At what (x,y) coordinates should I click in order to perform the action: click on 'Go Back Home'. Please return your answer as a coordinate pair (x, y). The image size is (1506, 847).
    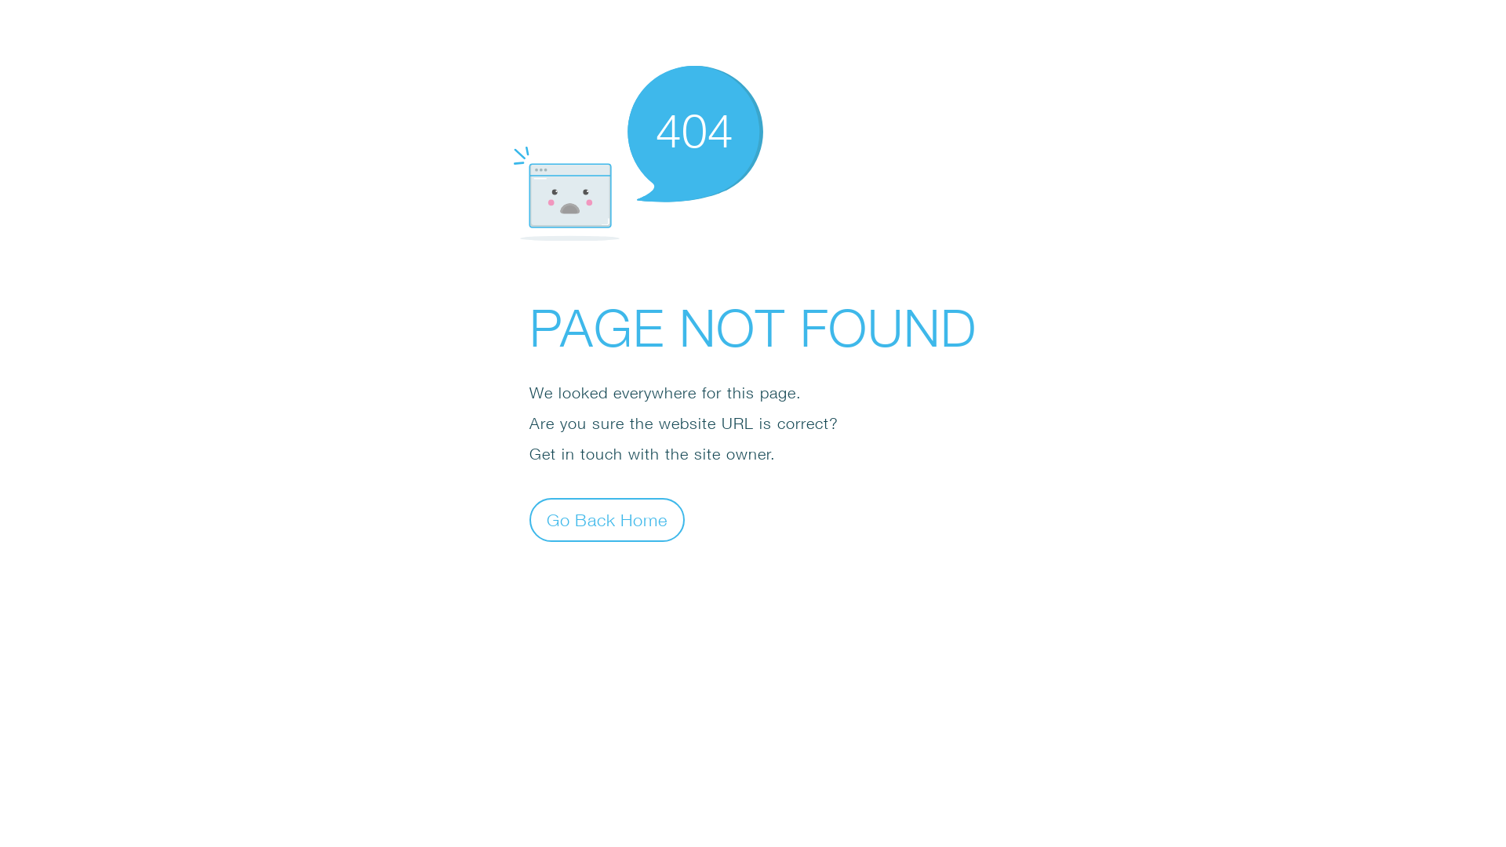
    Looking at the image, I should click on (606, 520).